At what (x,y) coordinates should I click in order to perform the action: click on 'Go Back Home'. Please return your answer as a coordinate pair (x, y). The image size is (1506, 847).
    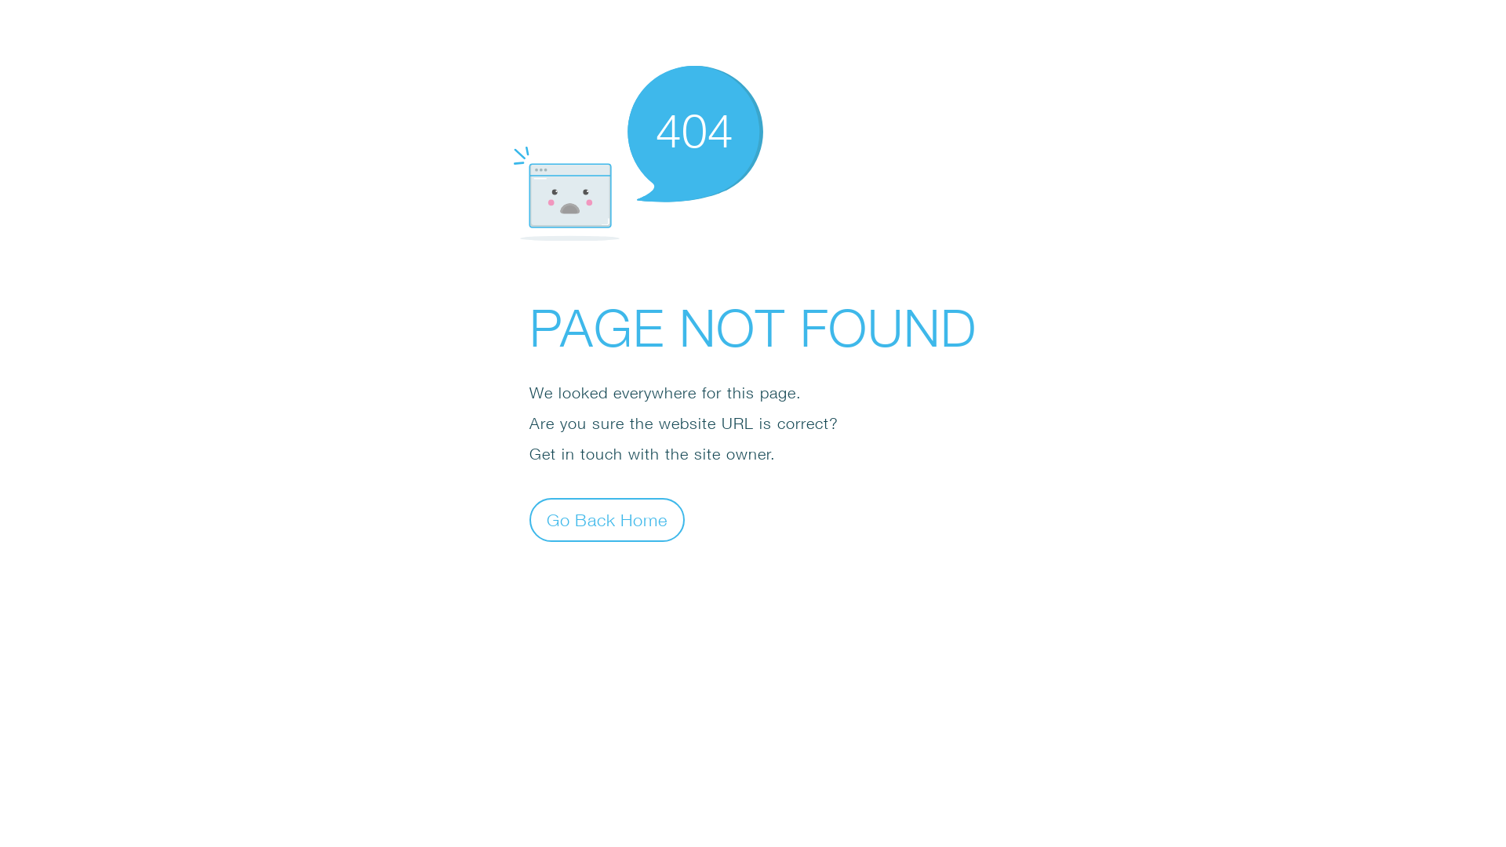
    Looking at the image, I should click on (606, 520).